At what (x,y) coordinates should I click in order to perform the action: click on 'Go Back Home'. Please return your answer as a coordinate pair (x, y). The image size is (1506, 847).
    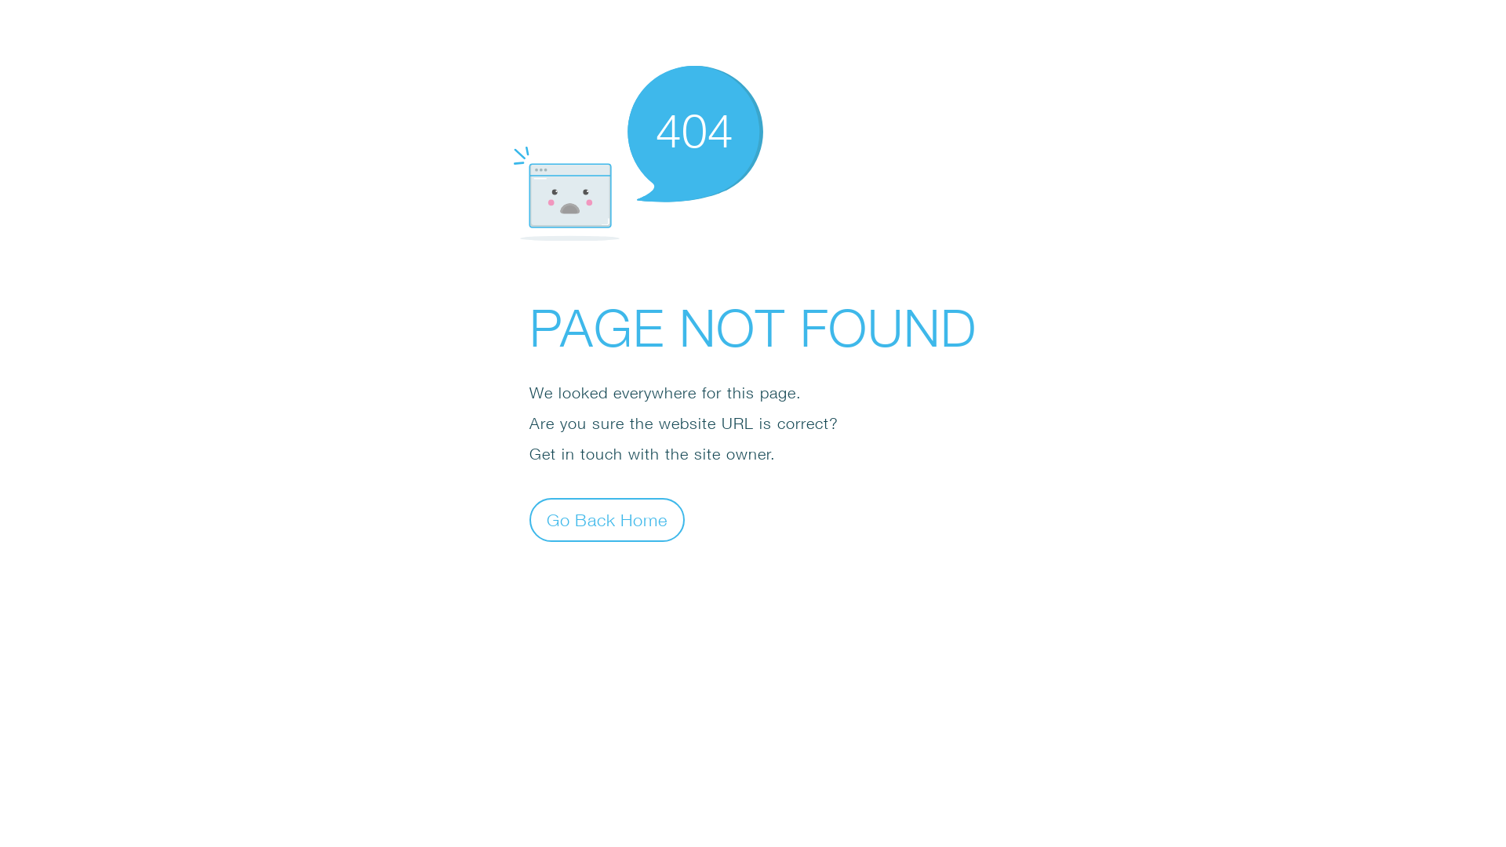
    Looking at the image, I should click on (606, 520).